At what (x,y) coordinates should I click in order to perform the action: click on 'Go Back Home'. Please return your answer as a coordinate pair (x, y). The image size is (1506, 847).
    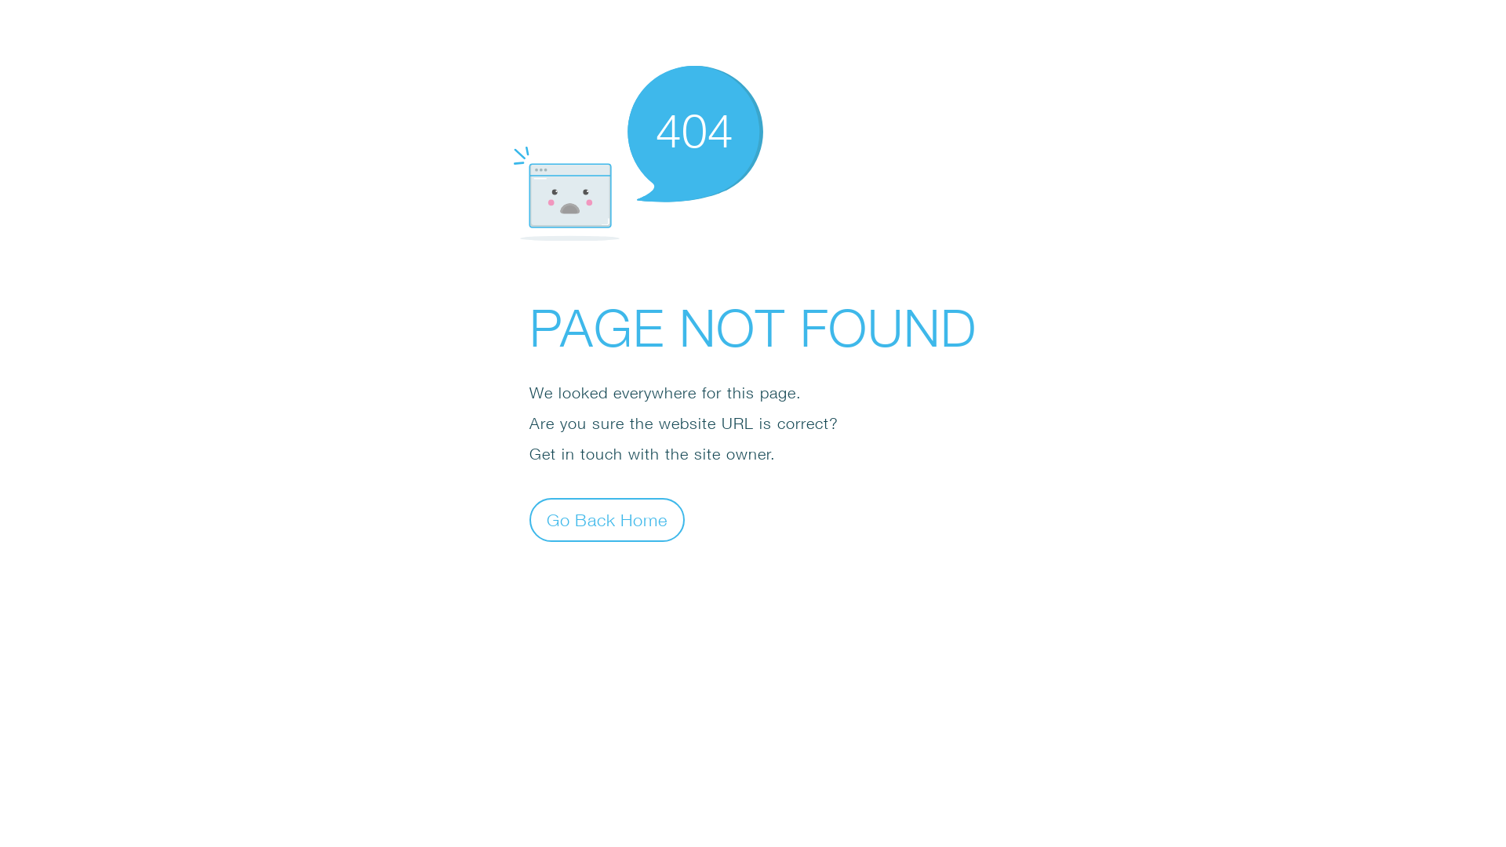
    Looking at the image, I should click on (606, 520).